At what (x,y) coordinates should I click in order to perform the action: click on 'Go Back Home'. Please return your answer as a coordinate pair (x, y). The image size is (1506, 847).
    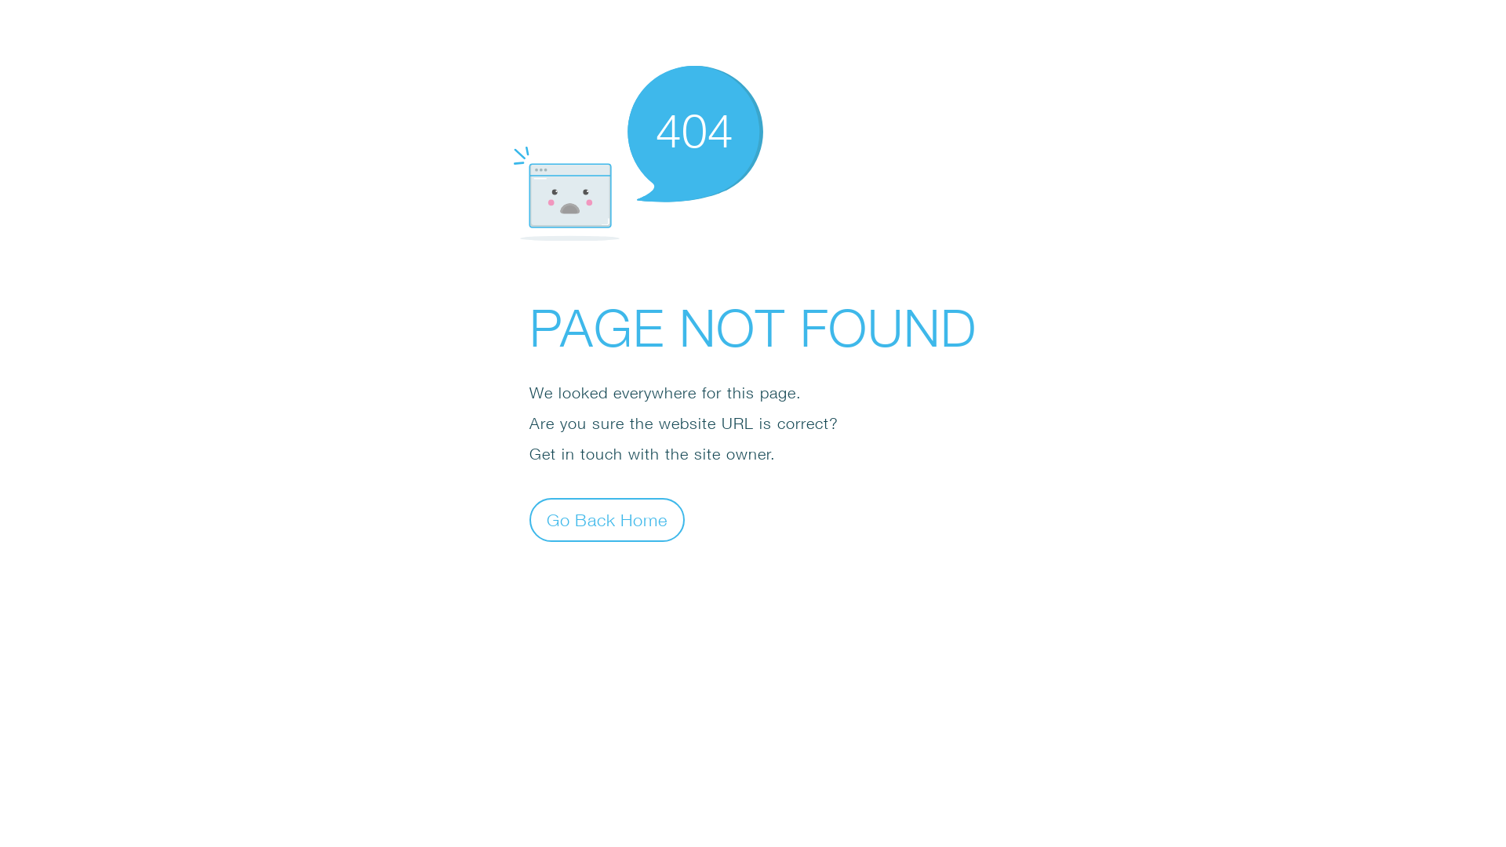
    Looking at the image, I should click on (606, 520).